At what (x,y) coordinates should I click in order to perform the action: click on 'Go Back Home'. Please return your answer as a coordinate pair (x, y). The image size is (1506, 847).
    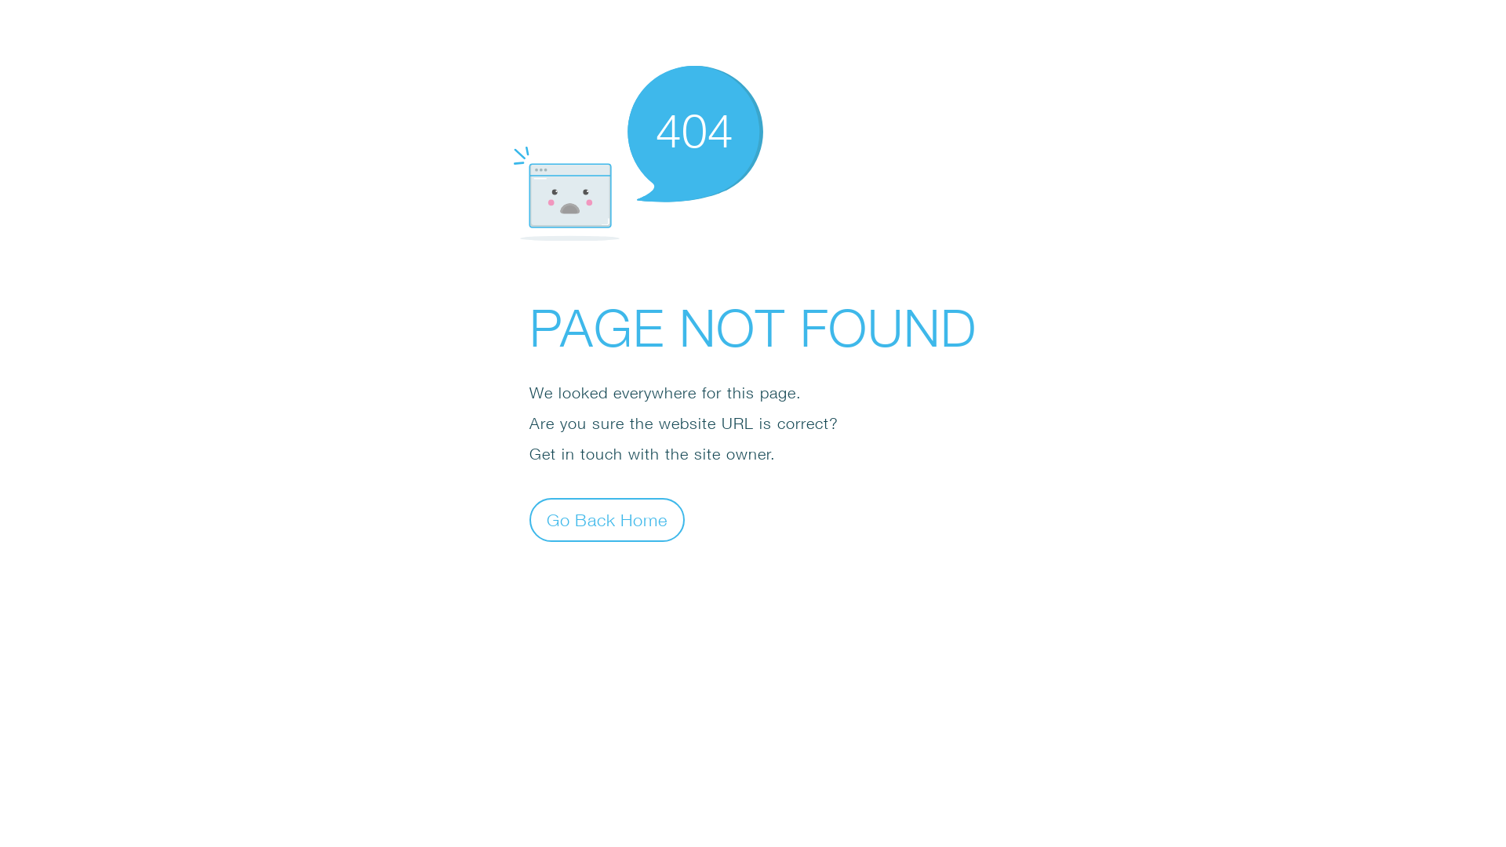
    Looking at the image, I should click on (606, 520).